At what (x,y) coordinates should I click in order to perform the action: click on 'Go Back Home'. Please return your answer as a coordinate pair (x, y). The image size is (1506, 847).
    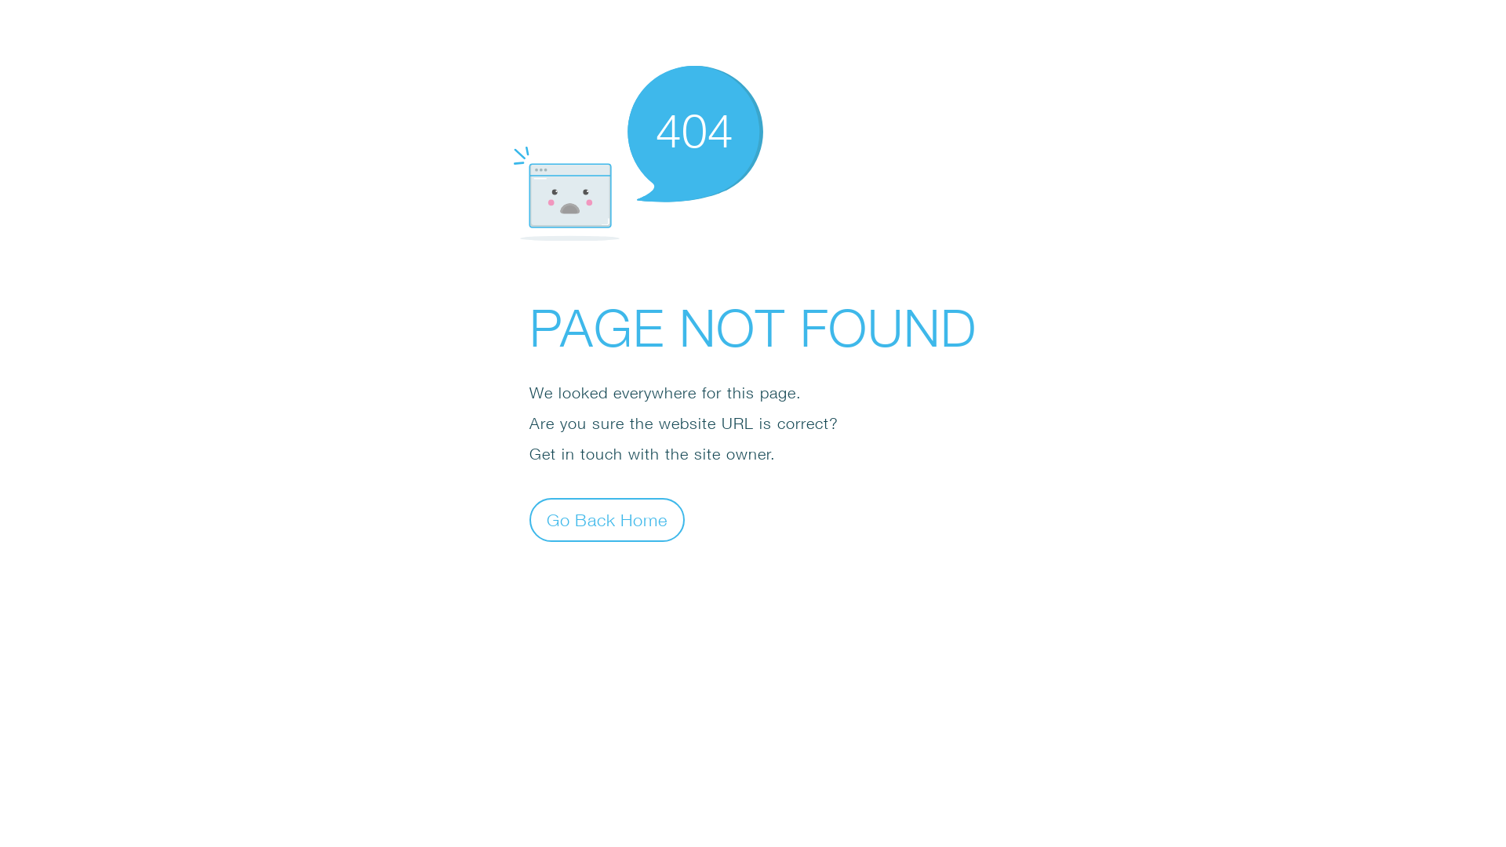
    Looking at the image, I should click on (606, 520).